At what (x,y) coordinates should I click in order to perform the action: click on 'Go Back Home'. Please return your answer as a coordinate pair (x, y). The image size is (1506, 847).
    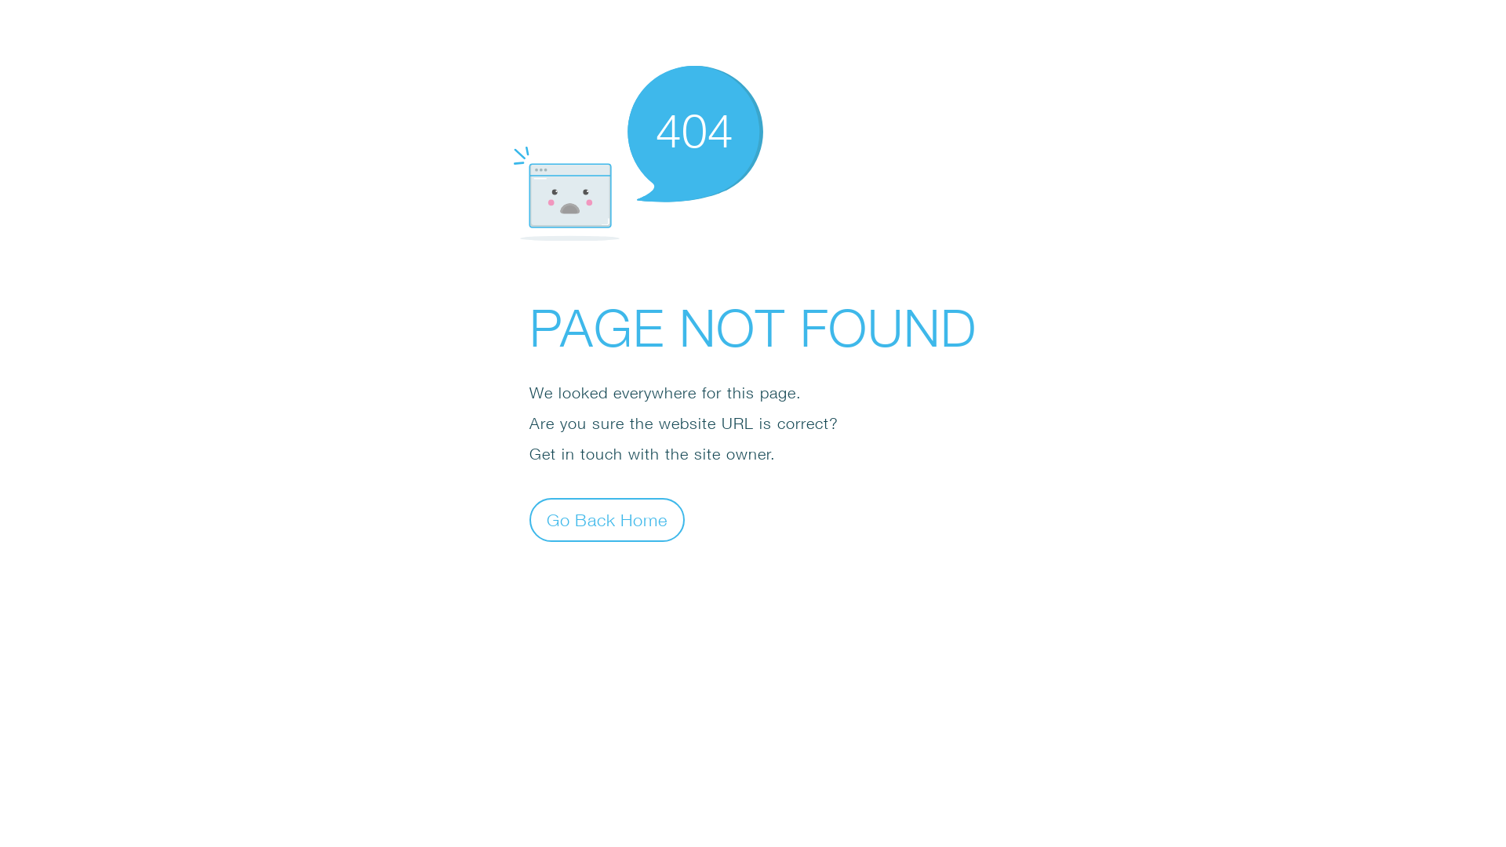
    Looking at the image, I should click on (606, 520).